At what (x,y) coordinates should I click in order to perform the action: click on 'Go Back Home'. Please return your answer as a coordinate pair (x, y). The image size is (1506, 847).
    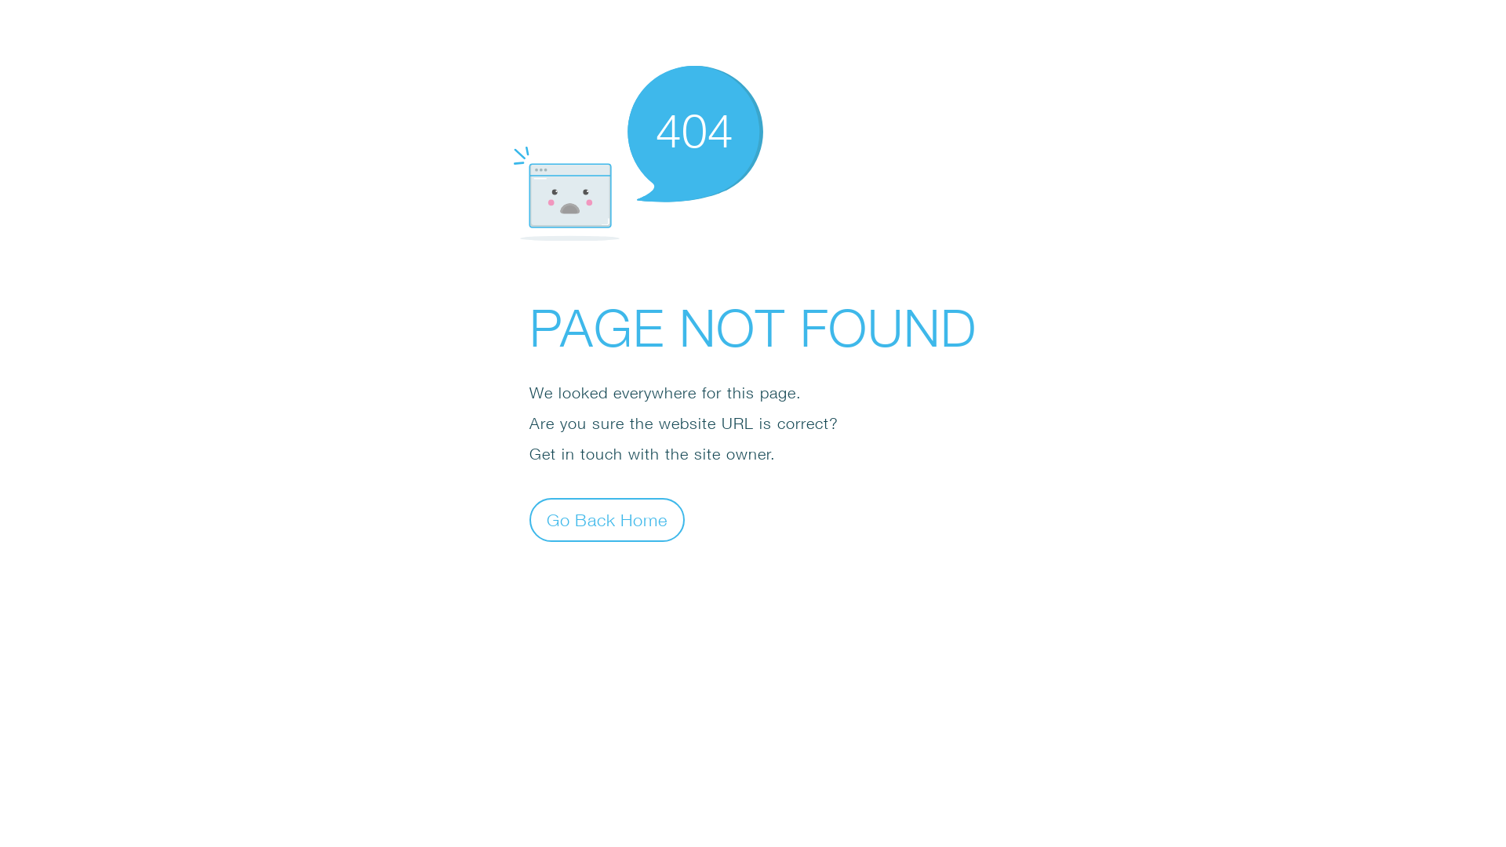
    Looking at the image, I should click on (606, 520).